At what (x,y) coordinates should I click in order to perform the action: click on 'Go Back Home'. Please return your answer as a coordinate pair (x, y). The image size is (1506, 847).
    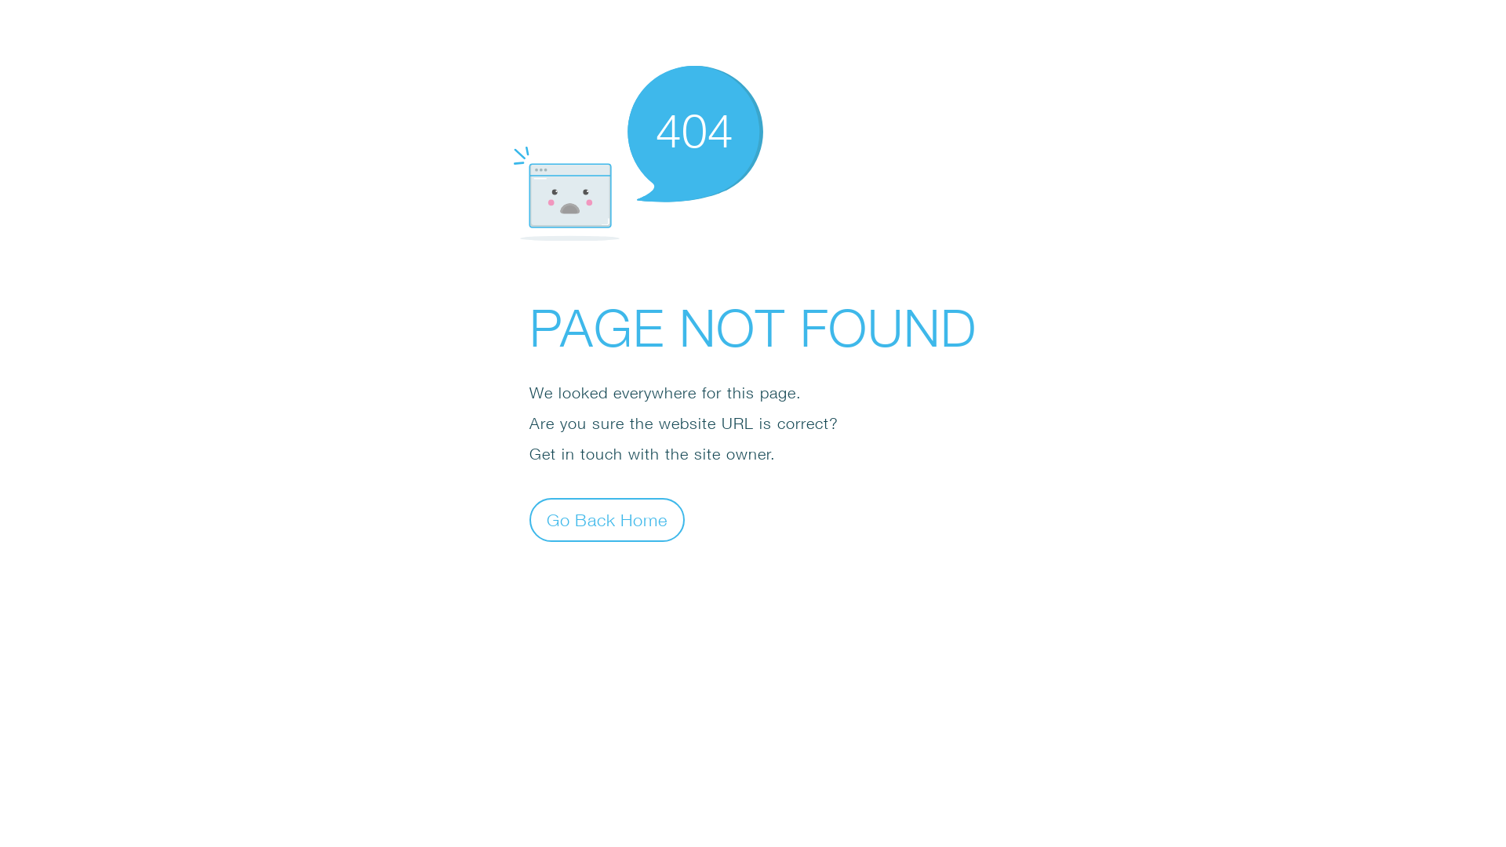
    Looking at the image, I should click on (606, 520).